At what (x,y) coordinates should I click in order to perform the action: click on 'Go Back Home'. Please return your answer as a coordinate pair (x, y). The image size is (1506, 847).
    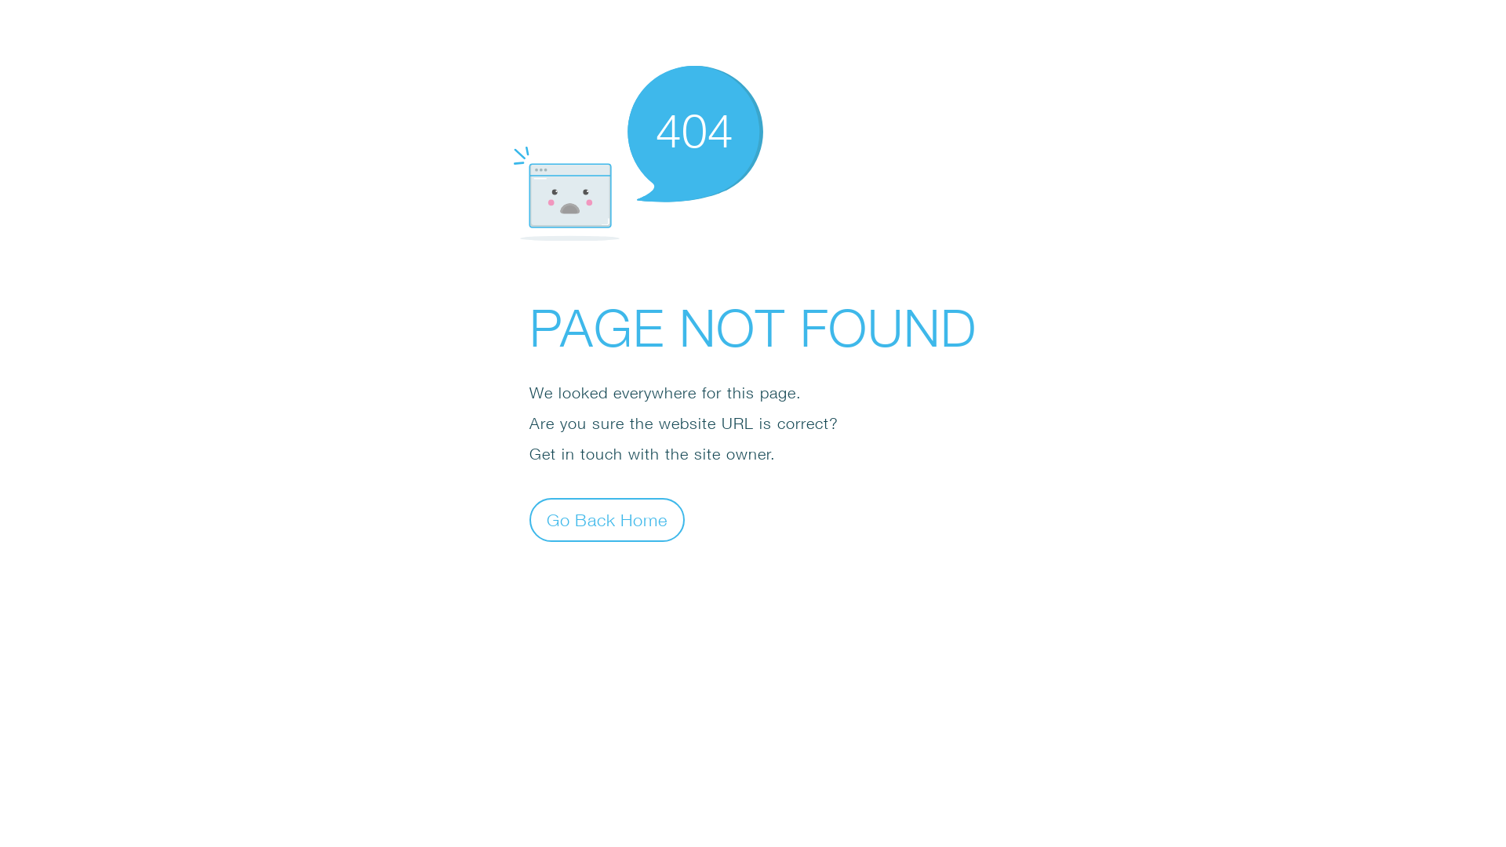
    Looking at the image, I should click on (606, 520).